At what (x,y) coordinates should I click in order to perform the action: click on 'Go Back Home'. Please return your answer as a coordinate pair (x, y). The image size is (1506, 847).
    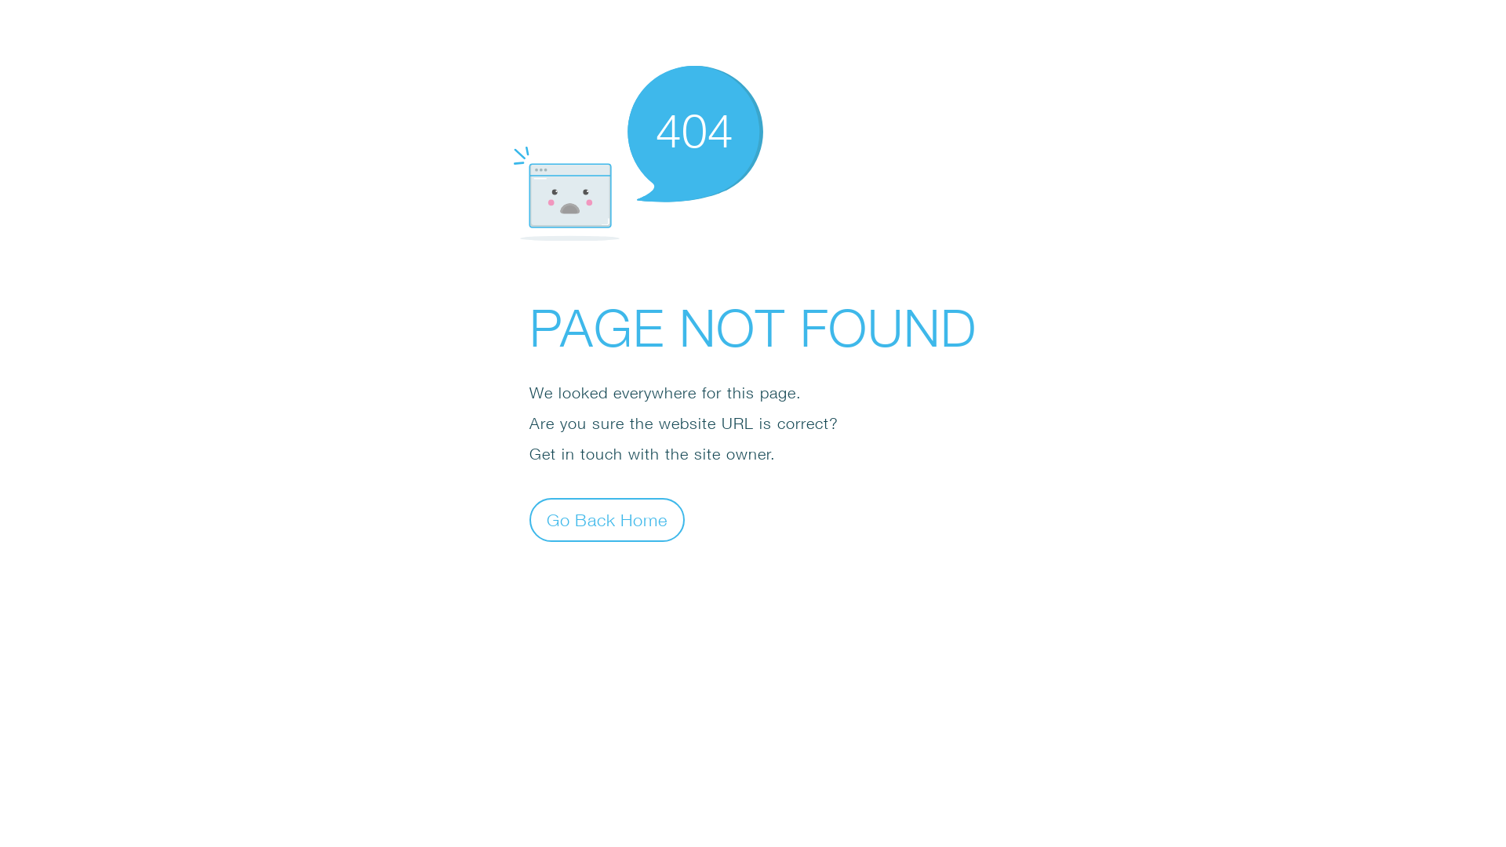
    Looking at the image, I should click on (606, 520).